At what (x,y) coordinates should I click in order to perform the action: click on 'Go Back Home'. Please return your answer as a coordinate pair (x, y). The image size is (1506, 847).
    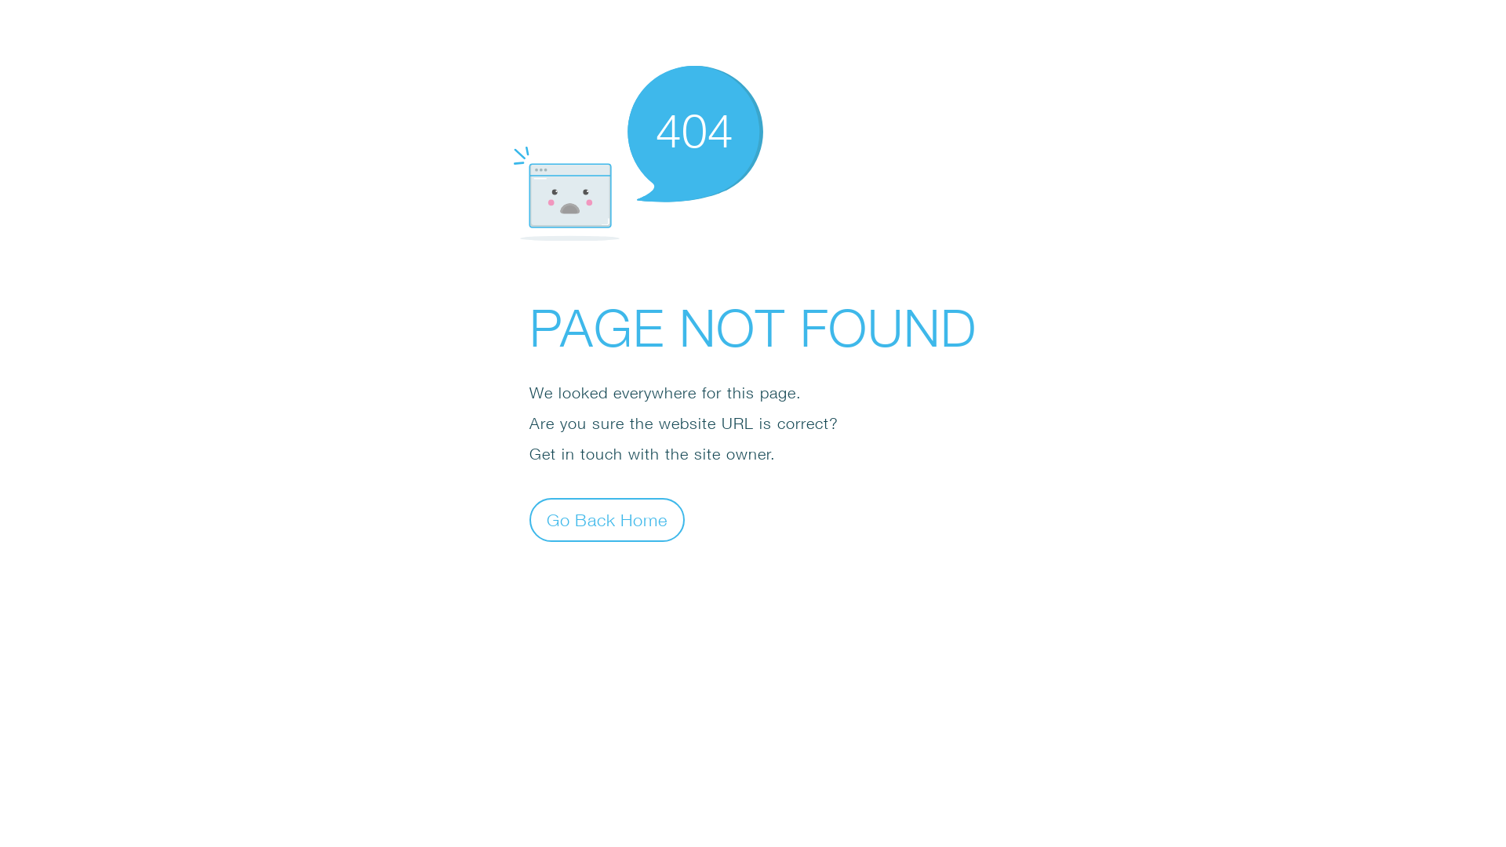
    Looking at the image, I should click on (606, 520).